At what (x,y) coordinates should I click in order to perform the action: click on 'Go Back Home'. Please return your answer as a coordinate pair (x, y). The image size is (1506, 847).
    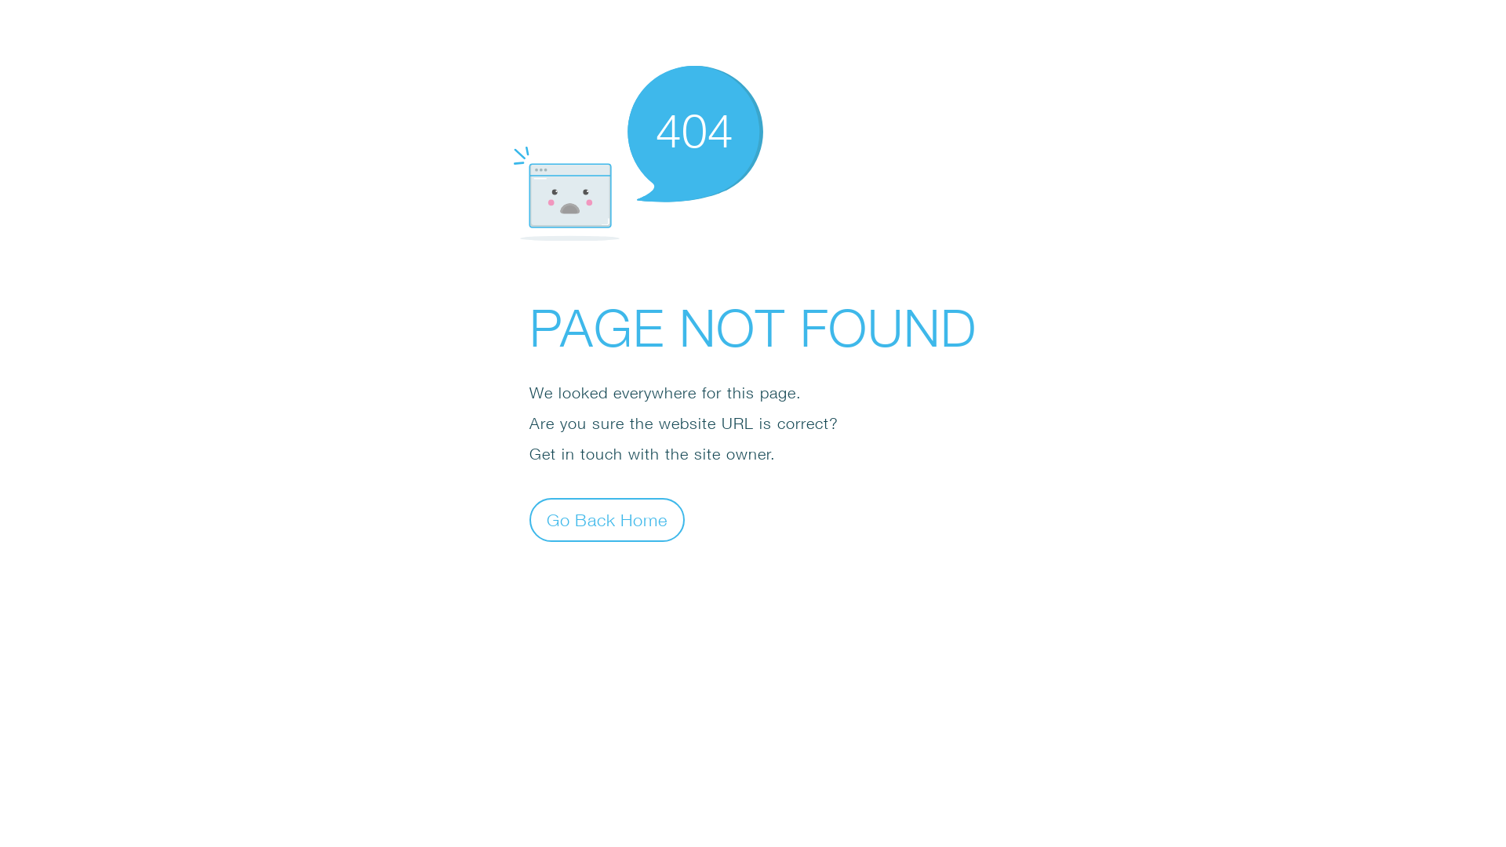
    Looking at the image, I should click on (606, 520).